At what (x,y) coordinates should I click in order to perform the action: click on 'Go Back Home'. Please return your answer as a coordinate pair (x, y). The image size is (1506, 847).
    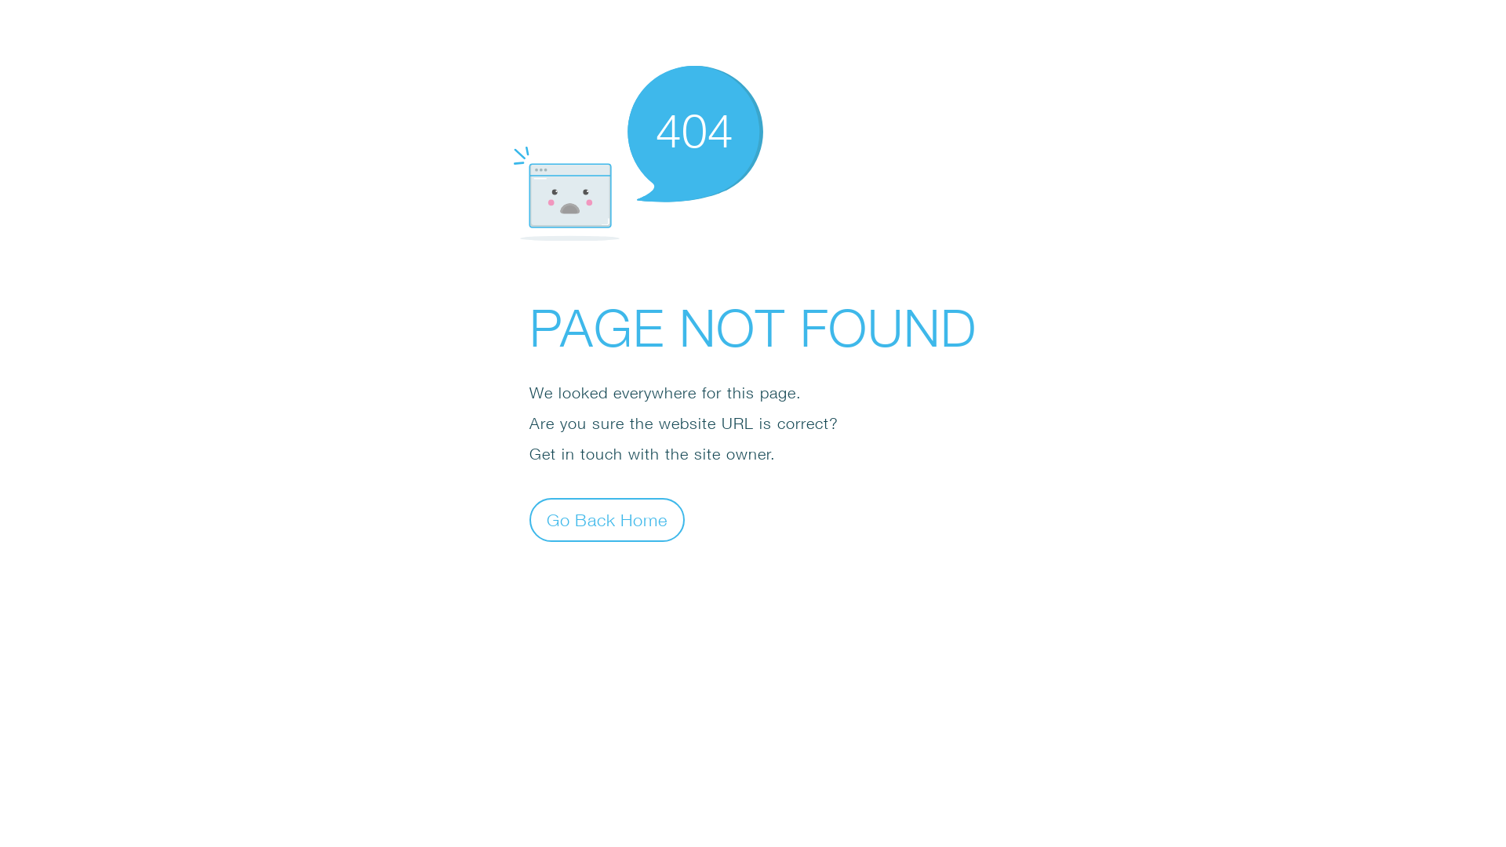
    Looking at the image, I should click on (606, 520).